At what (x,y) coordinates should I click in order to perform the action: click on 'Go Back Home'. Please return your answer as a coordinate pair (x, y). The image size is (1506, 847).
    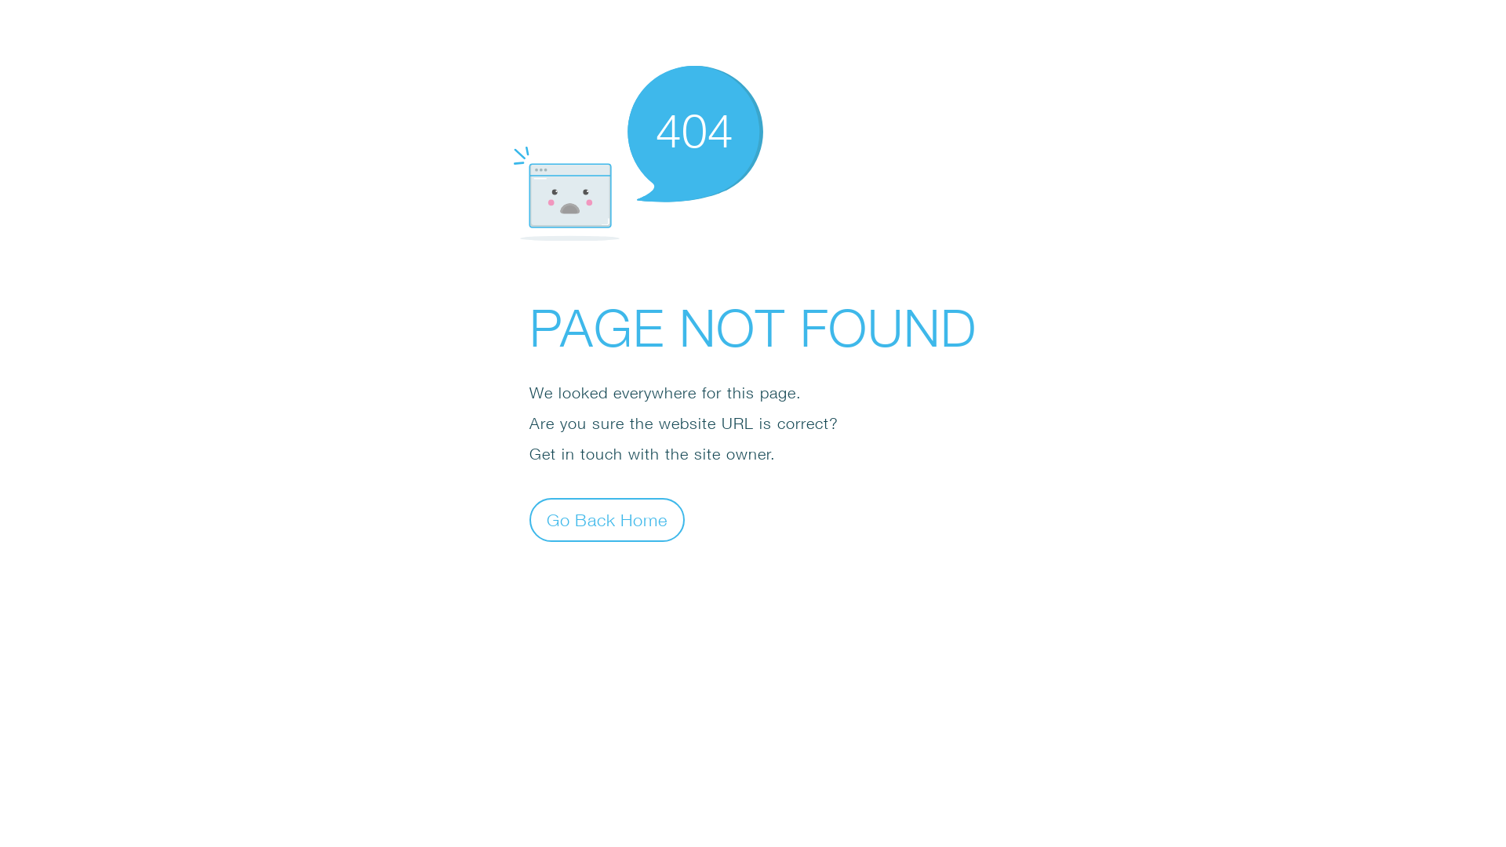
    Looking at the image, I should click on (606, 520).